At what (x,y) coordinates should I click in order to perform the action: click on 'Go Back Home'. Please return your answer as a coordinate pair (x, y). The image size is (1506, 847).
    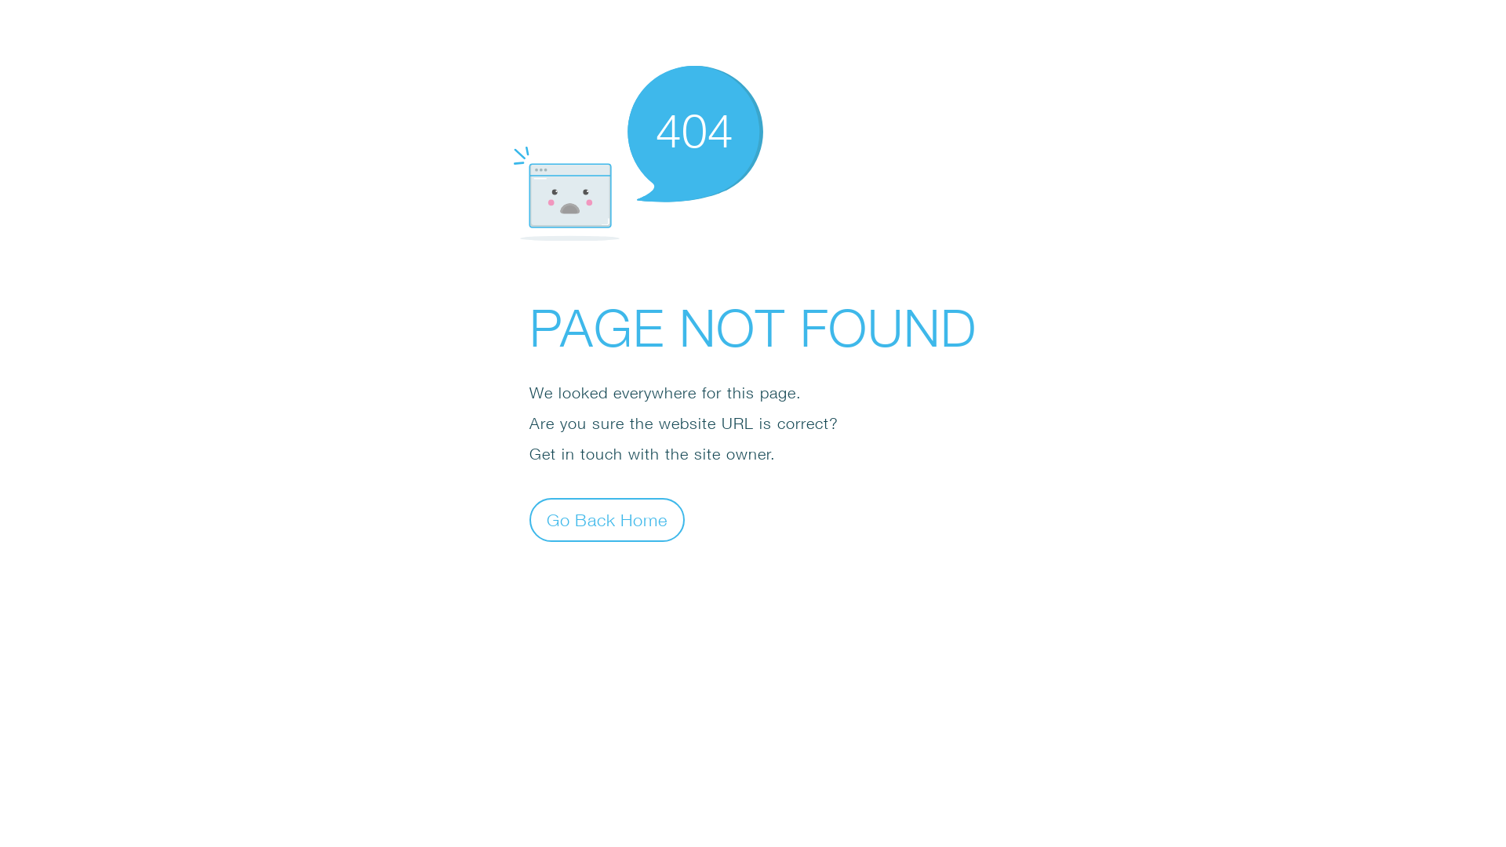
    Looking at the image, I should click on (606, 520).